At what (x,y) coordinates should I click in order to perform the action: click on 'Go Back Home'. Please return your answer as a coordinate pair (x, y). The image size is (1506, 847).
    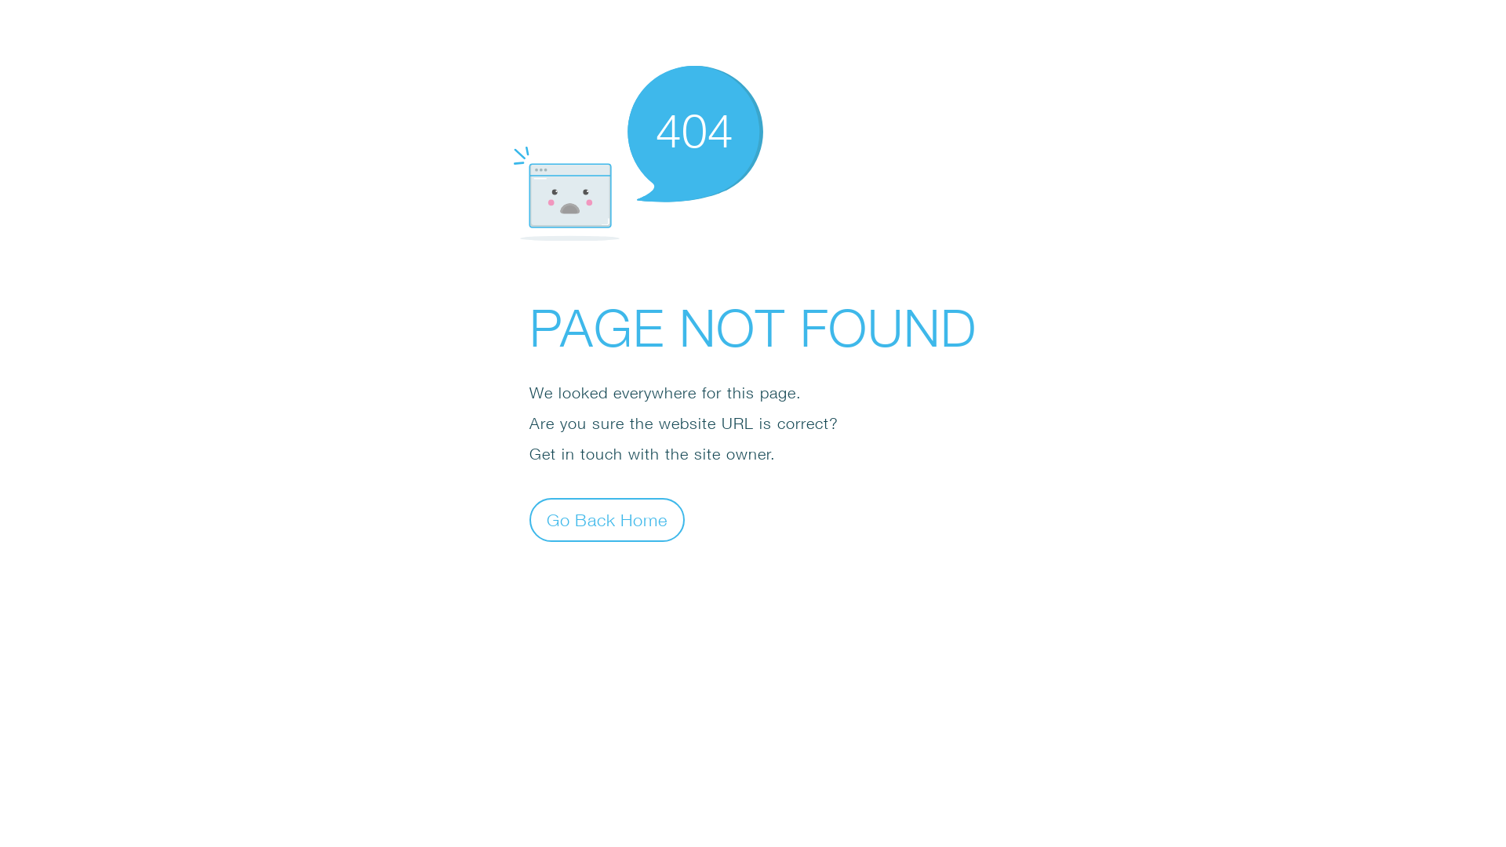
    Looking at the image, I should click on (606, 520).